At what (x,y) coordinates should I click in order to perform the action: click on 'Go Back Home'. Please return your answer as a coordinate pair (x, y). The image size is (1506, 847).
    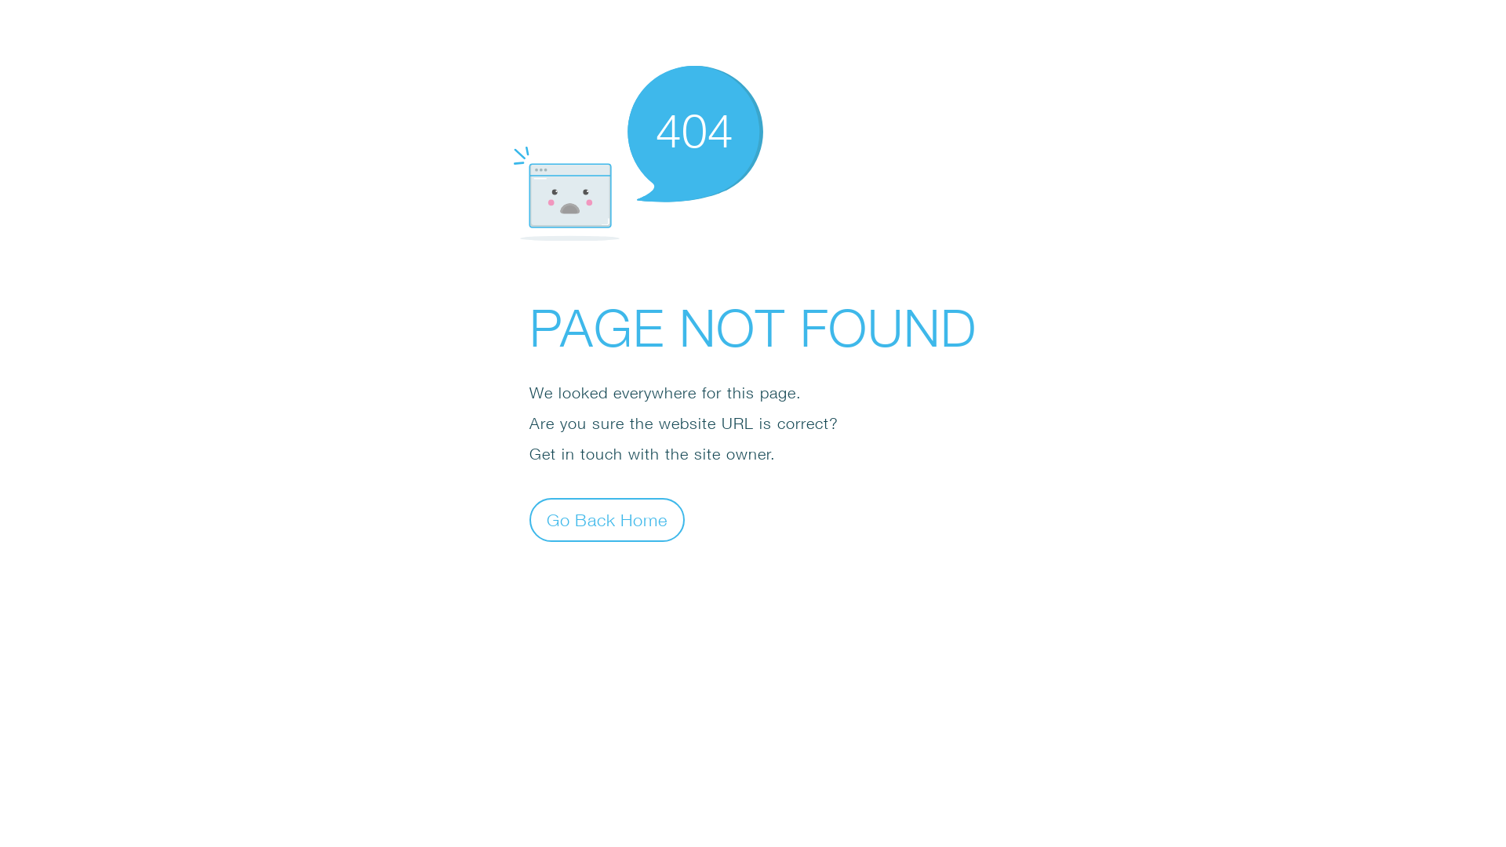
    Looking at the image, I should click on (606, 520).